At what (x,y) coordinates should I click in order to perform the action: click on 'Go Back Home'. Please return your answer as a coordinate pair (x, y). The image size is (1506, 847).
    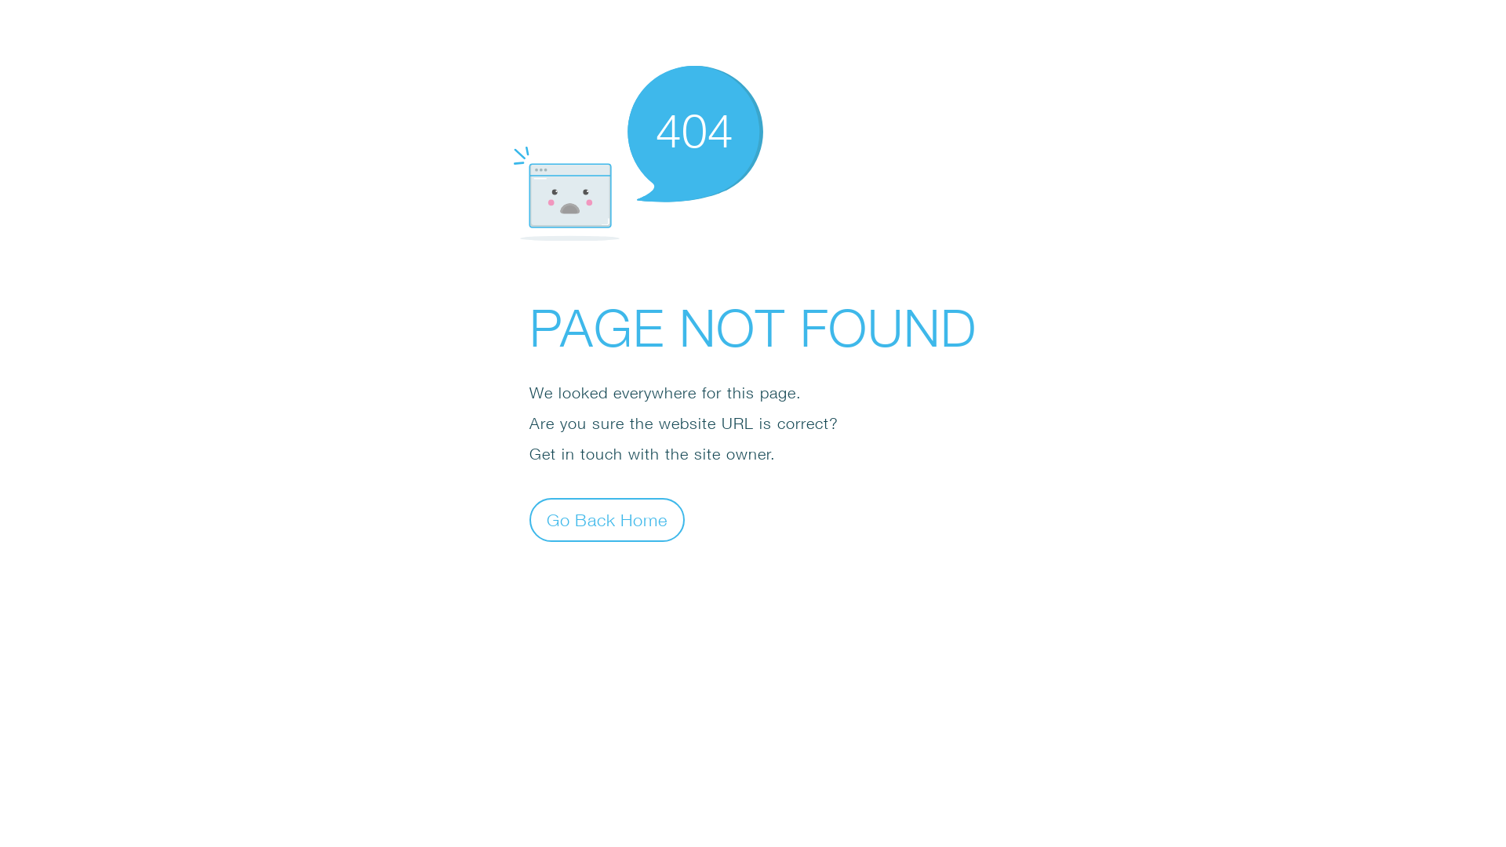
    Looking at the image, I should click on (606, 520).